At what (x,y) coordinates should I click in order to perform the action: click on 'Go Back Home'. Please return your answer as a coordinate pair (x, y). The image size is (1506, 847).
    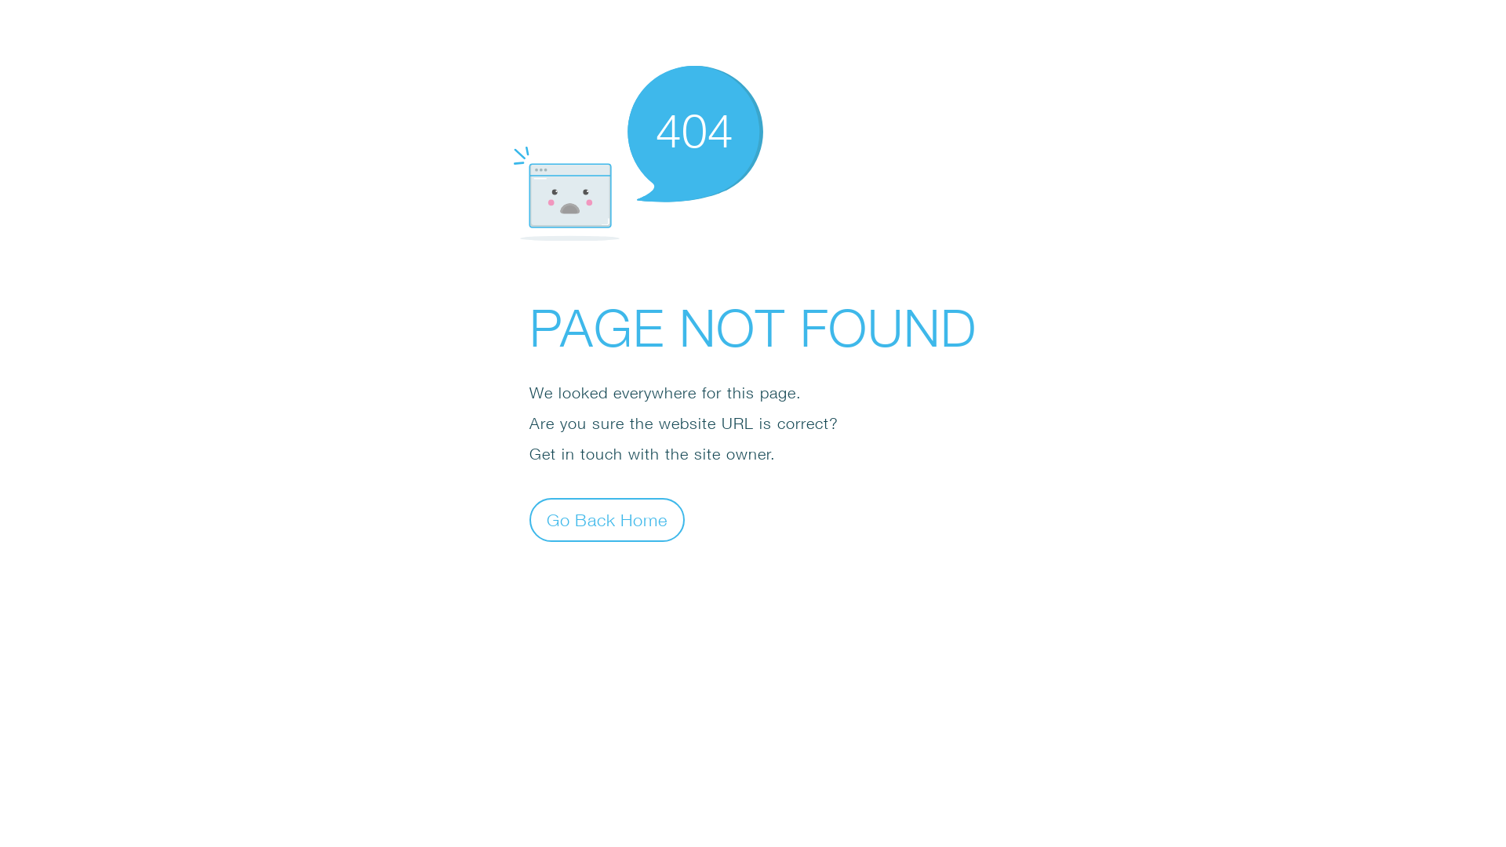
    Looking at the image, I should click on (606, 520).